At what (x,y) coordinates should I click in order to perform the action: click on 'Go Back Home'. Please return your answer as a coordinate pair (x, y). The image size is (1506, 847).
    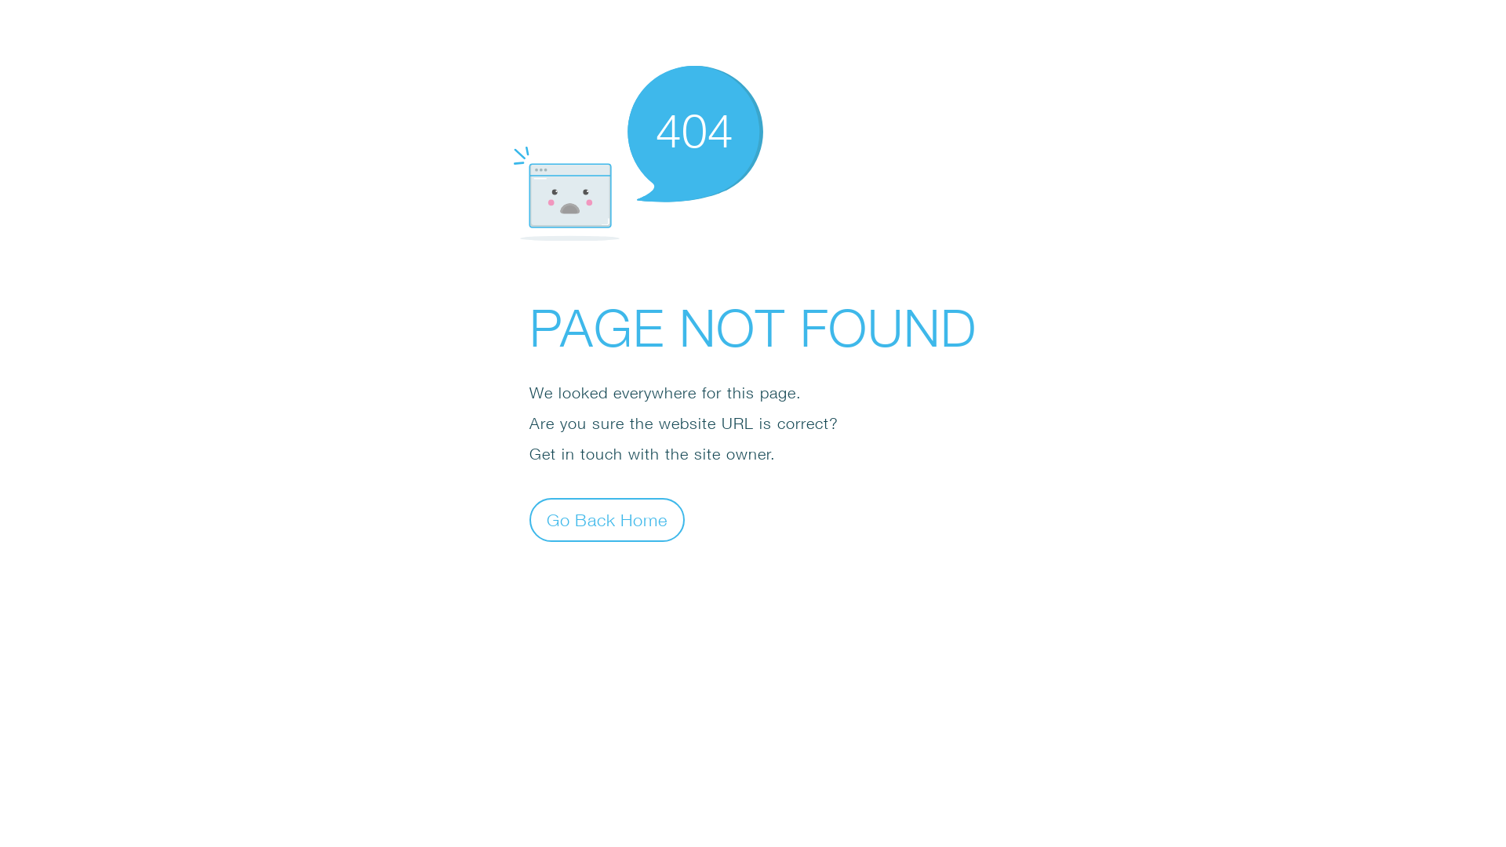
    Looking at the image, I should click on (606, 520).